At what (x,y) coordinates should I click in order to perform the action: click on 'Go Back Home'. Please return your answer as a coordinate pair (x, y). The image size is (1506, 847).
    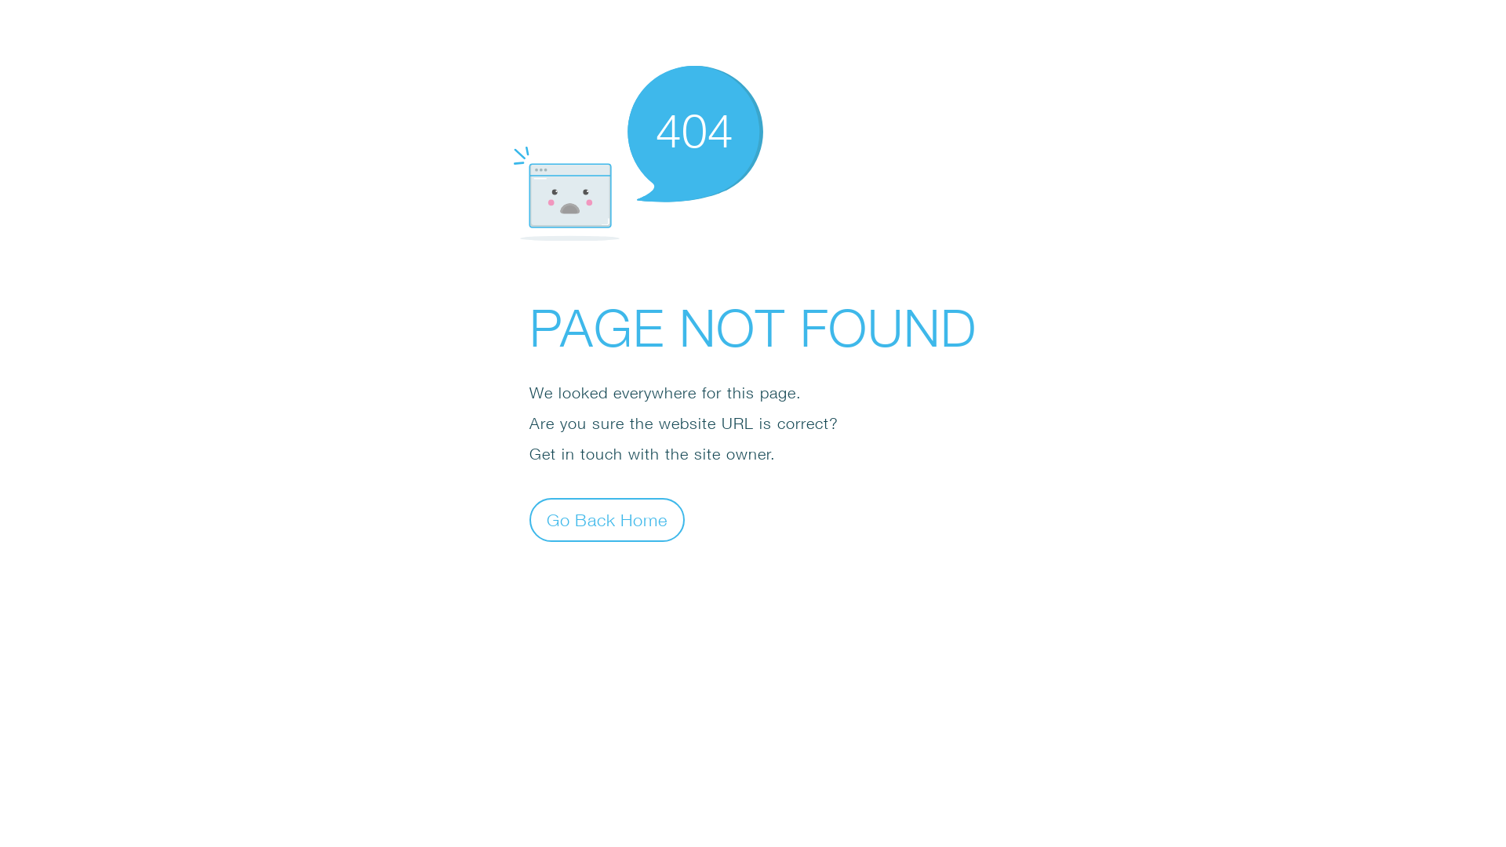
    Looking at the image, I should click on (606, 520).